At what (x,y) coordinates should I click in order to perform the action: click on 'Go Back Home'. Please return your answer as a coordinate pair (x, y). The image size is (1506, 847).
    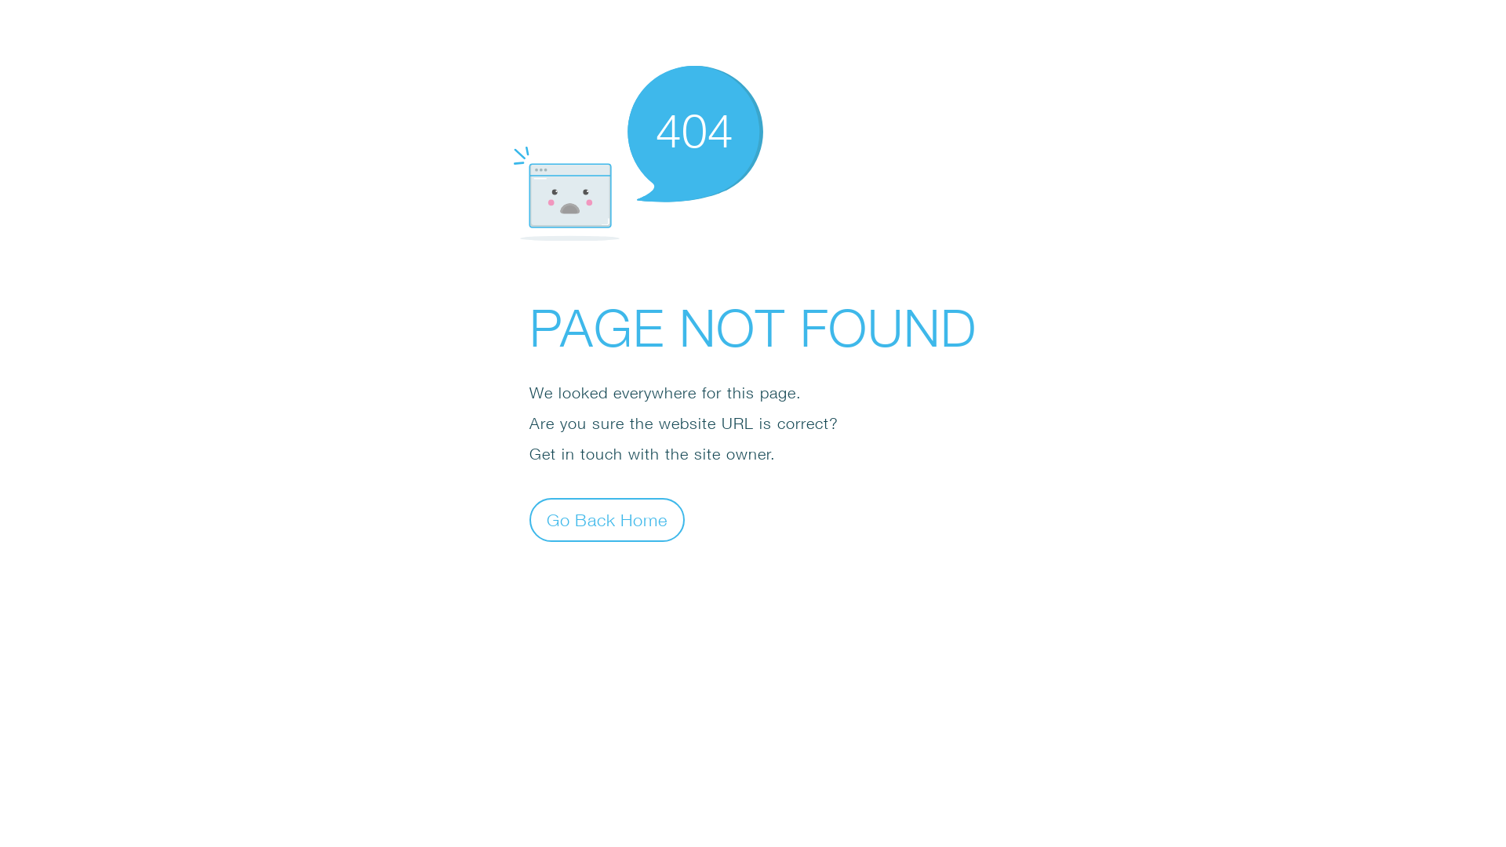
    Looking at the image, I should click on (606, 520).